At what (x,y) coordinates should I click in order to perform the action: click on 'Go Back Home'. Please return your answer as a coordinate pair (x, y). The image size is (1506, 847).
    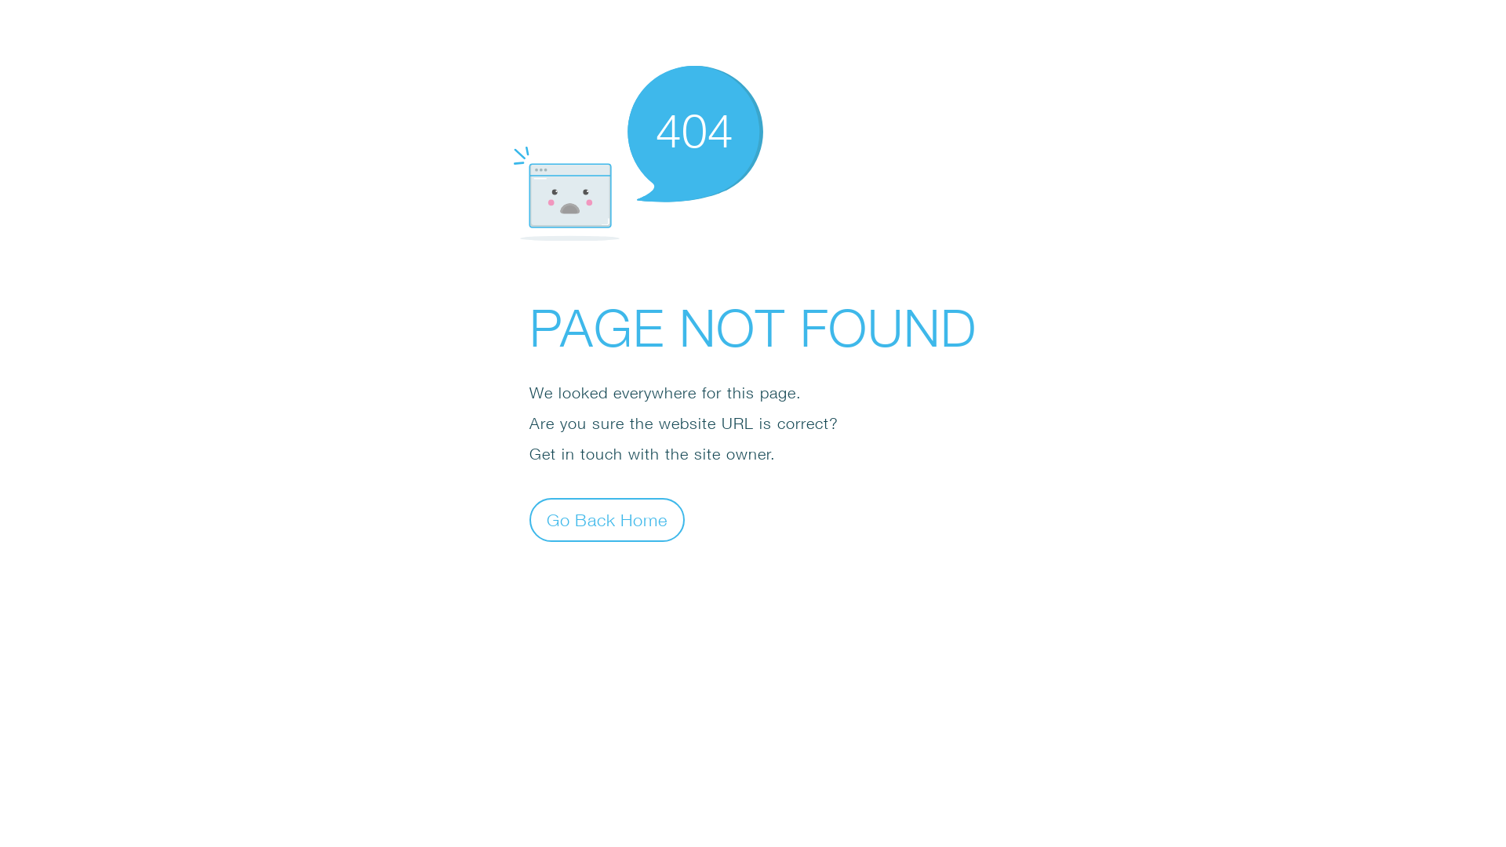
    Looking at the image, I should click on (606, 520).